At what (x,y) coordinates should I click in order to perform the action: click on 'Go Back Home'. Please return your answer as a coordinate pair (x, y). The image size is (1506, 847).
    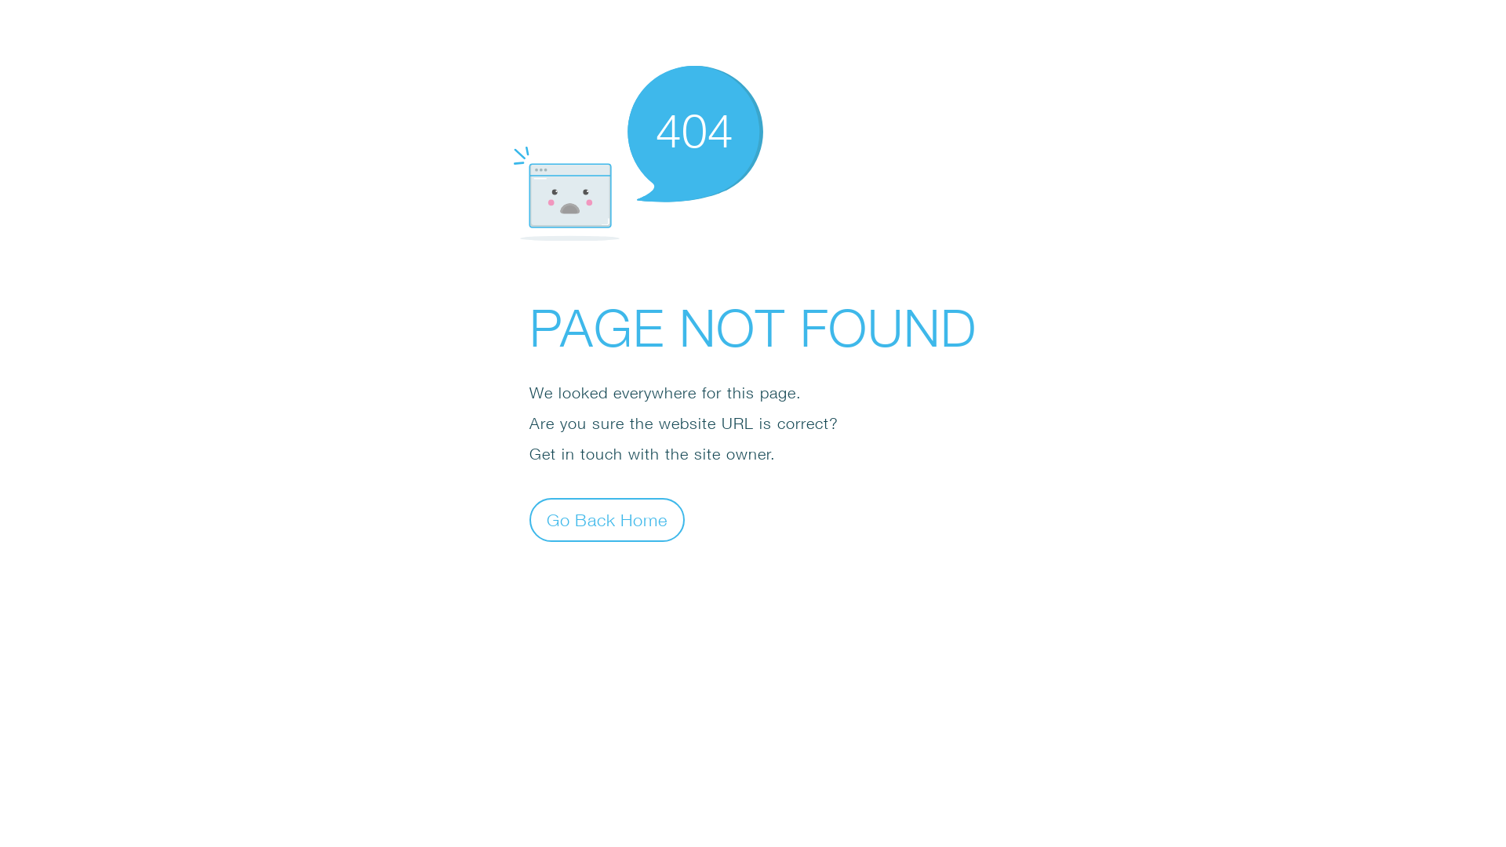
    Looking at the image, I should click on (606, 520).